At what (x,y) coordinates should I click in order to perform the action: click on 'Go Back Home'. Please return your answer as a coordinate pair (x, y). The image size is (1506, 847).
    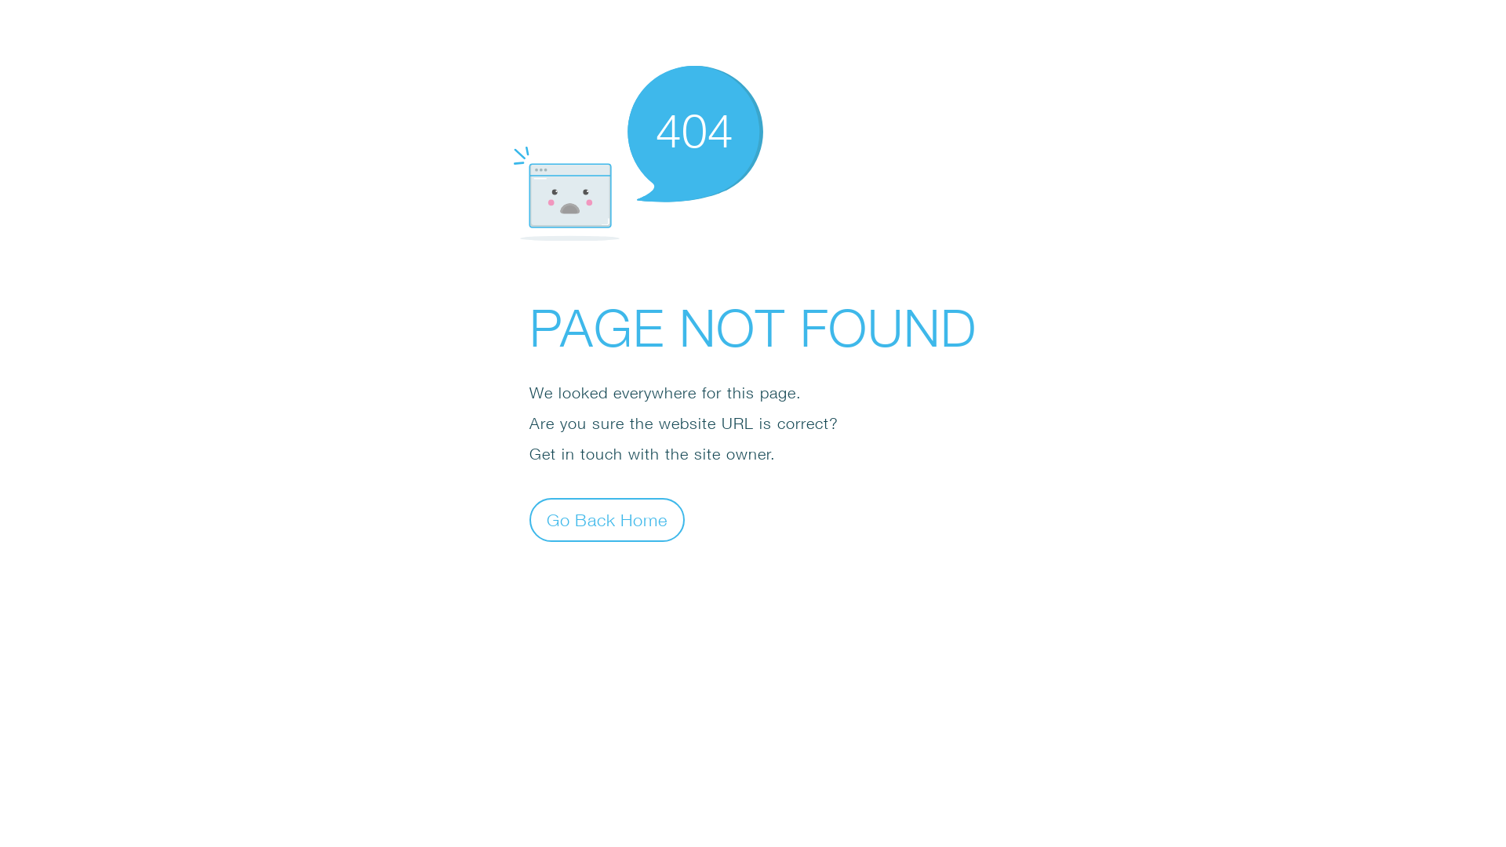
    Looking at the image, I should click on (606, 520).